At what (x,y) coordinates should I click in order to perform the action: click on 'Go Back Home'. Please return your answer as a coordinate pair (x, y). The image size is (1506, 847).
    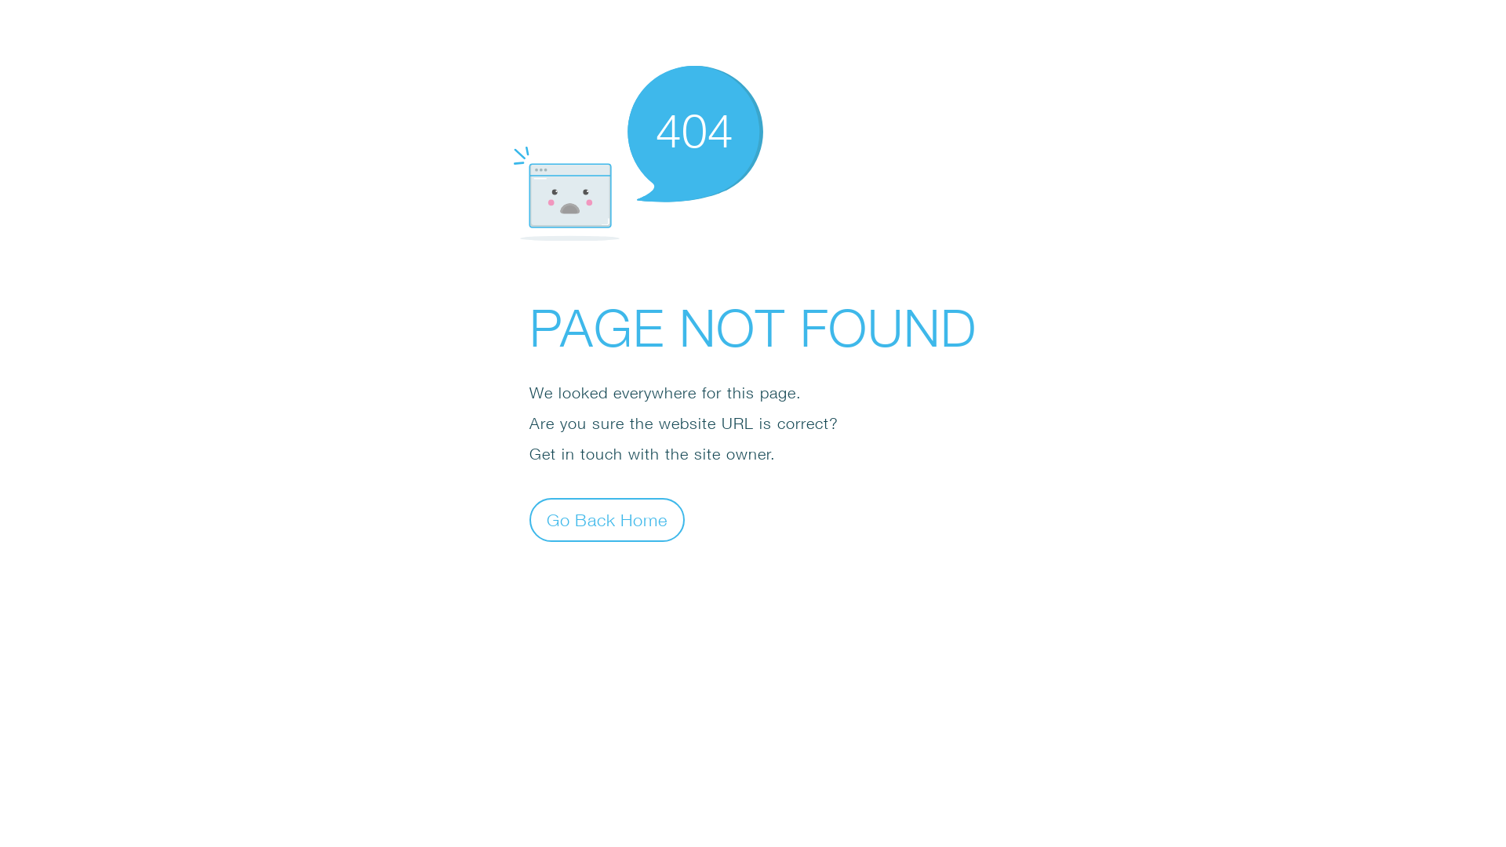
    Looking at the image, I should click on (606, 520).